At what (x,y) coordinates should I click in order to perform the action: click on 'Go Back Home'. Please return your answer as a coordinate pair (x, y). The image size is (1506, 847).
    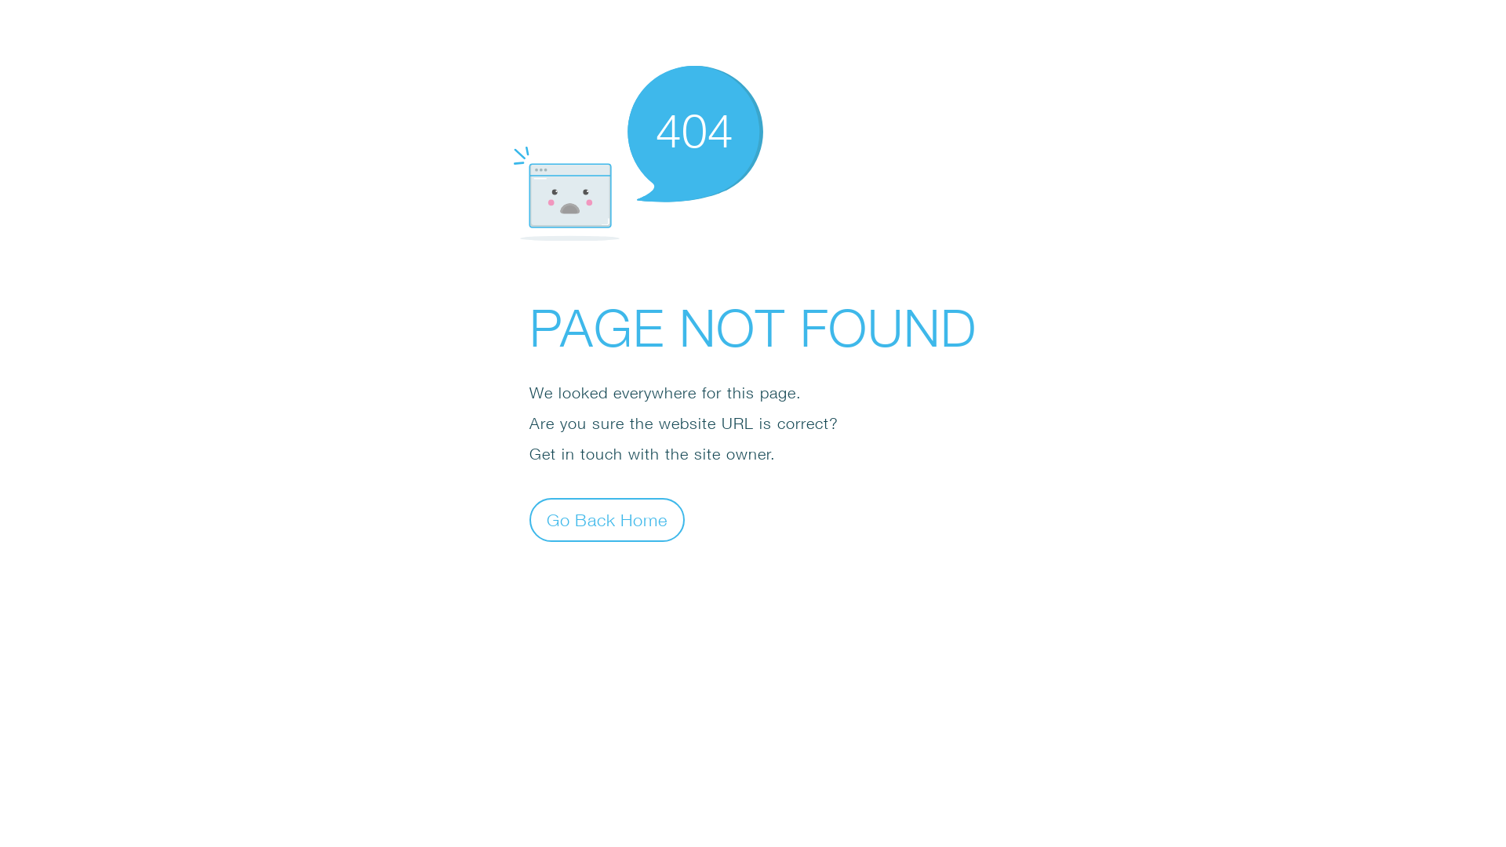
    Looking at the image, I should click on (606, 520).